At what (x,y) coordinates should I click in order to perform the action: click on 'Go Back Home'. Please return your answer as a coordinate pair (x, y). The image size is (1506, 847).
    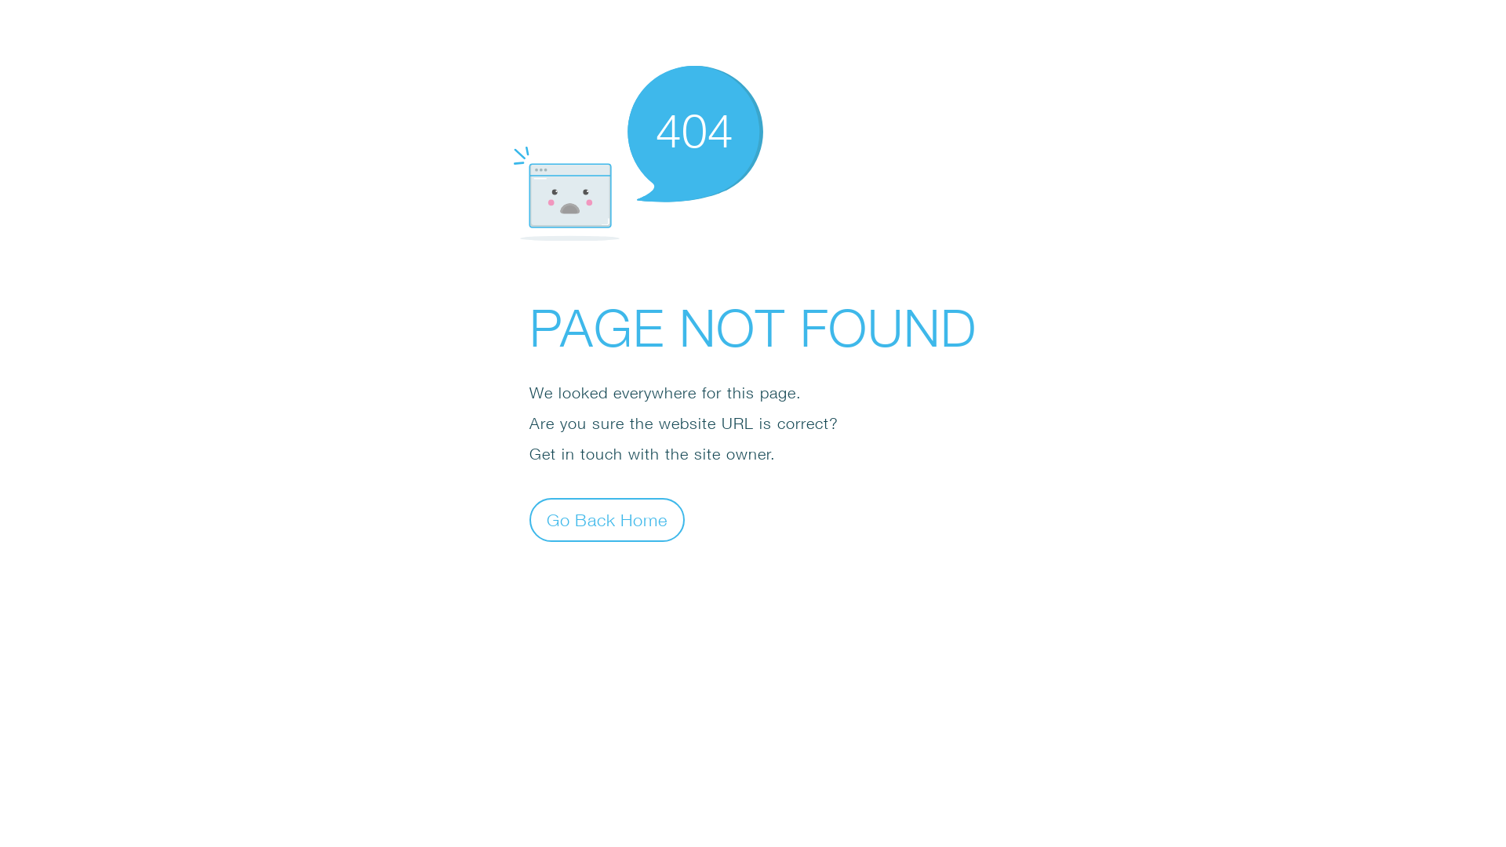
    Looking at the image, I should click on (606, 520).